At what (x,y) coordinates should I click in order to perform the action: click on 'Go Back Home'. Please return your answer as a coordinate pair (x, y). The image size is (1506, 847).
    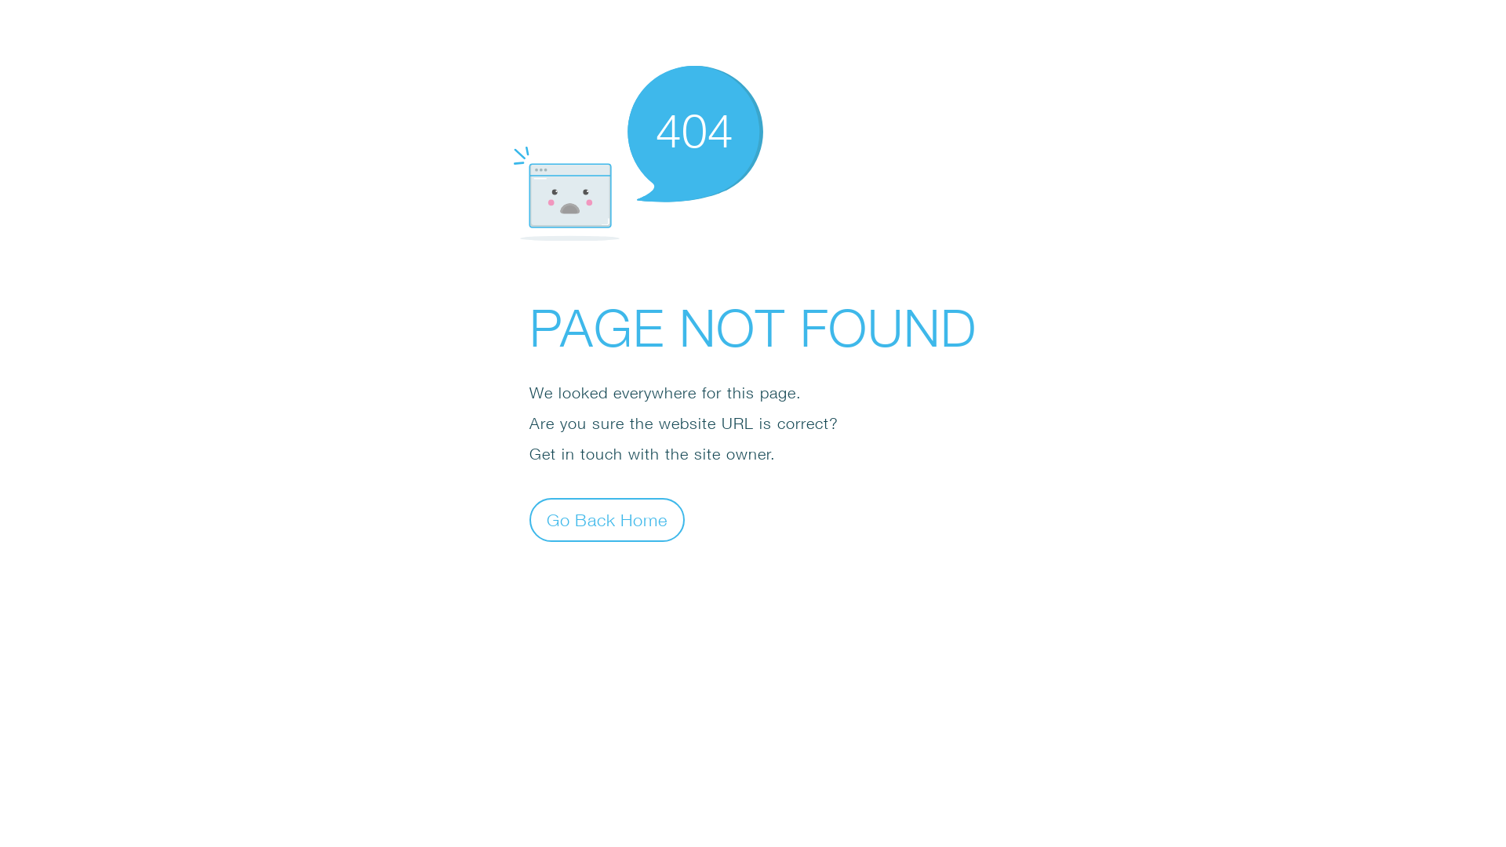
    Looking at the image, I should click on (606, 520).